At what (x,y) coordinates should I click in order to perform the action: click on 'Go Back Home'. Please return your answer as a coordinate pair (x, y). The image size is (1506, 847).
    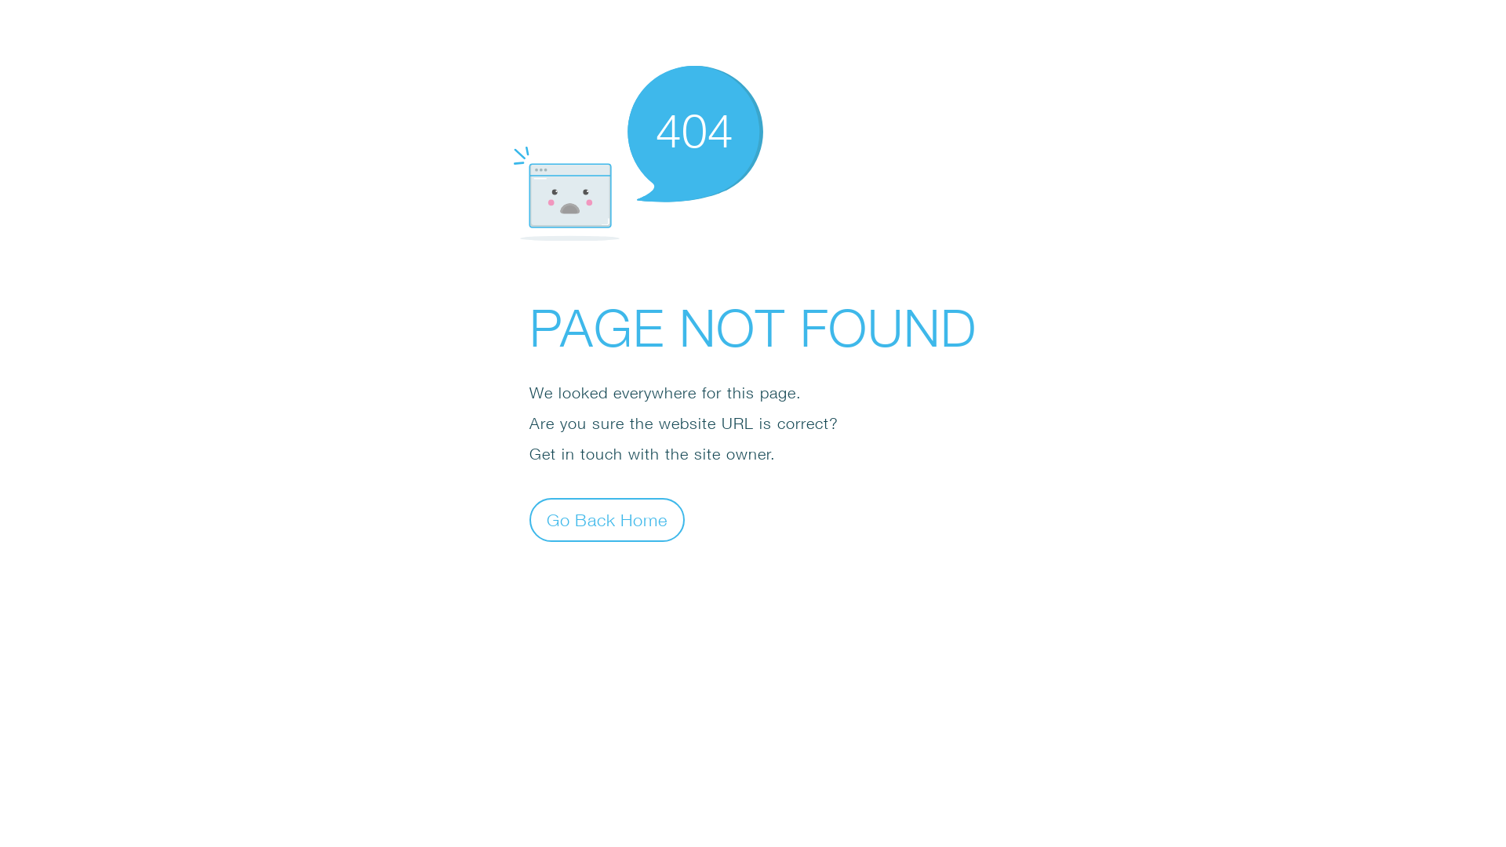
    Looking at the image, I should click on (606, 520).